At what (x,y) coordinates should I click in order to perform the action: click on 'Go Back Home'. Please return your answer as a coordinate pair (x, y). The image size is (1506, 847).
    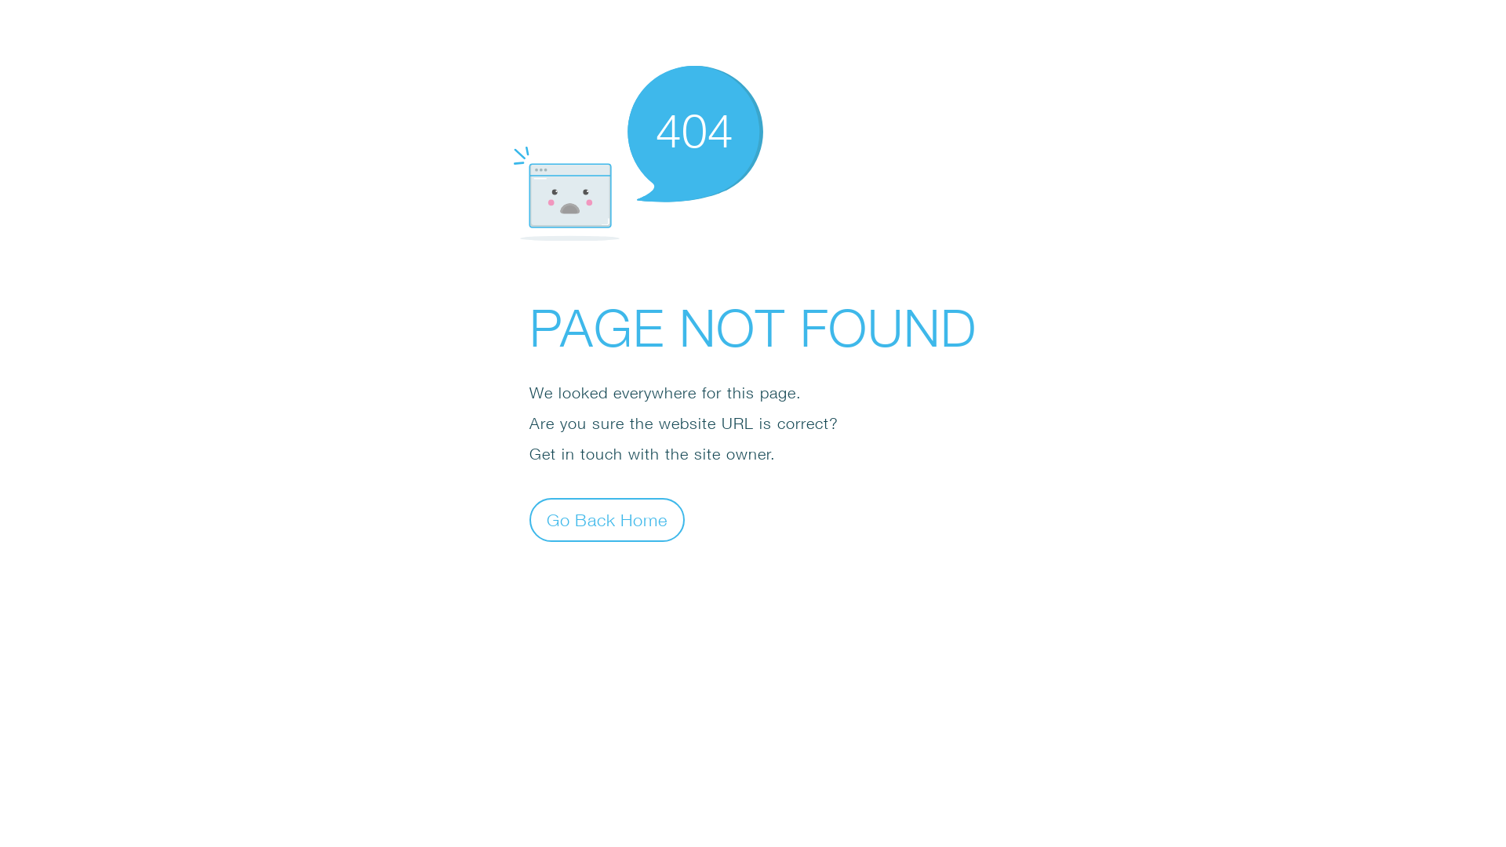
    Looking at the image, I should click on (606, 520).